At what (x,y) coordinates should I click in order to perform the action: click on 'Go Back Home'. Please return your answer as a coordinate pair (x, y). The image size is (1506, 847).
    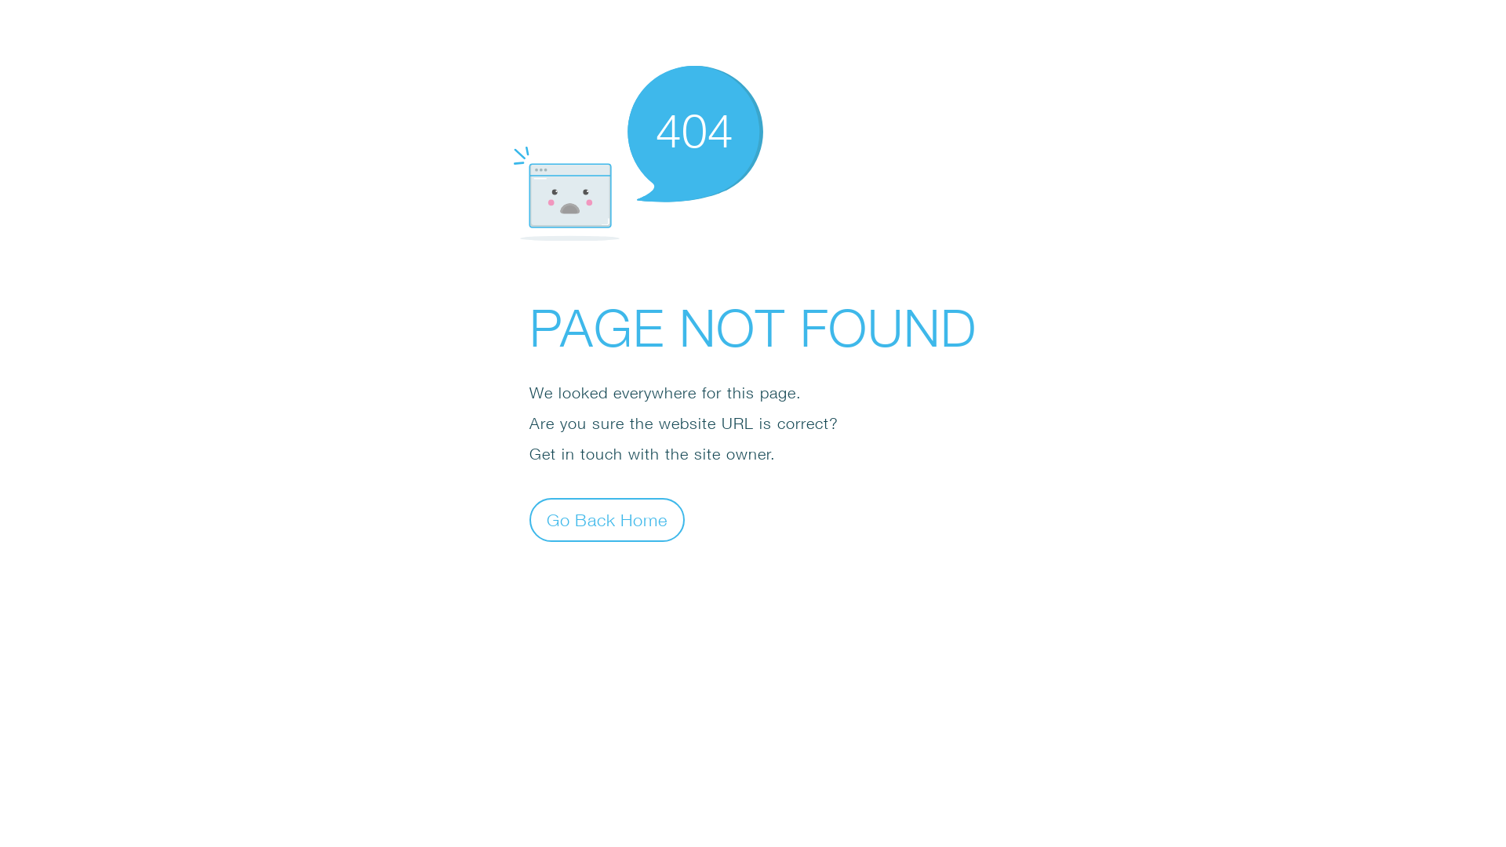
    Looking at the image, I should click on (606, 520).